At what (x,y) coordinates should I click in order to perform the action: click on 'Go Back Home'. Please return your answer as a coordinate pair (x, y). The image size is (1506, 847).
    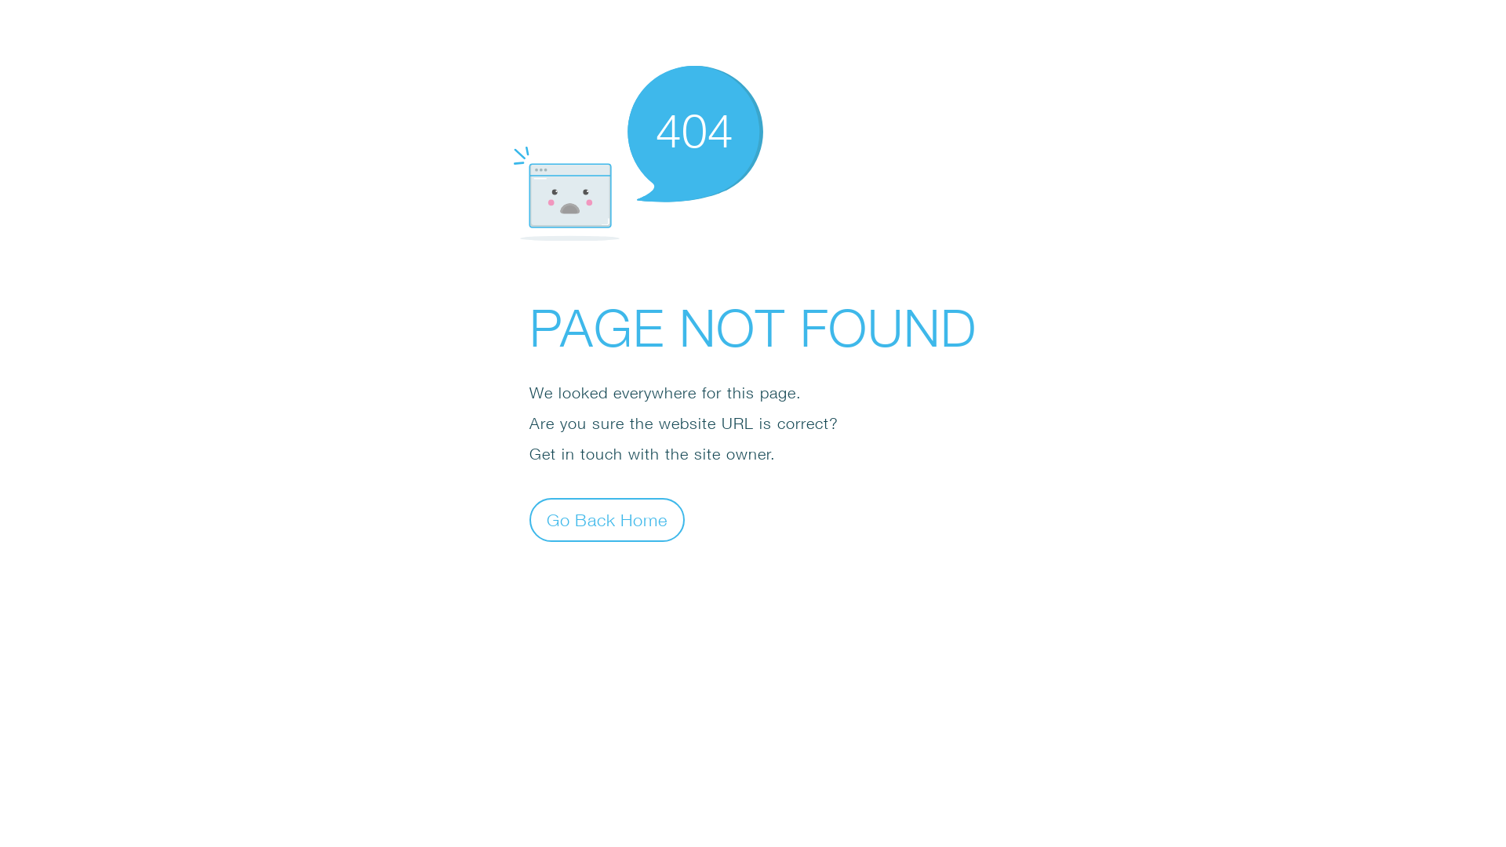
    Looking at the image, I should click on (606, 520).